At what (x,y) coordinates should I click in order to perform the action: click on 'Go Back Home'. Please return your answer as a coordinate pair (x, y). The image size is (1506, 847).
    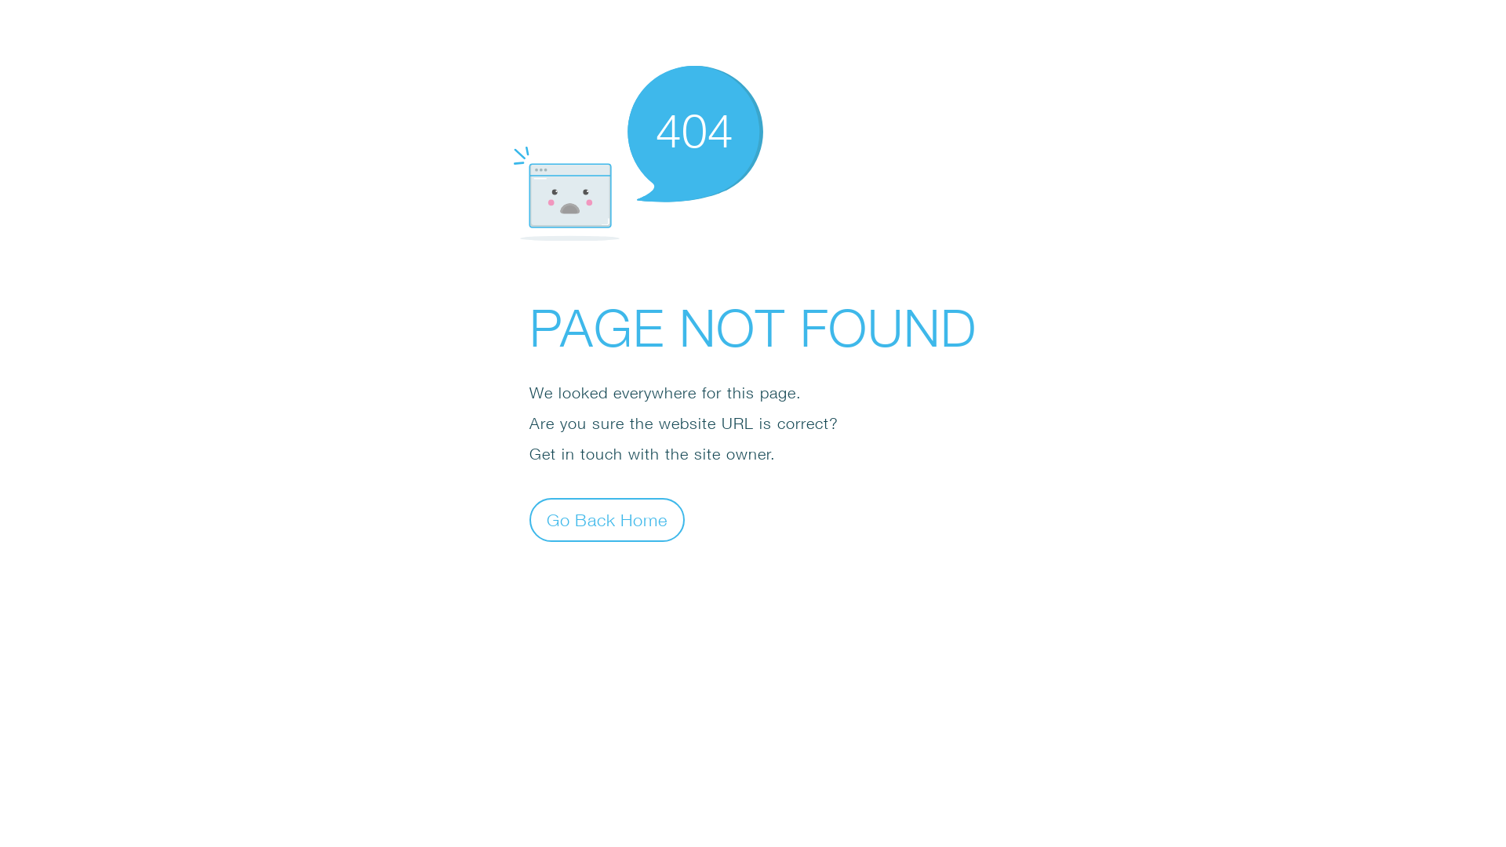
    Looking at the image, I should click on (606, 520).